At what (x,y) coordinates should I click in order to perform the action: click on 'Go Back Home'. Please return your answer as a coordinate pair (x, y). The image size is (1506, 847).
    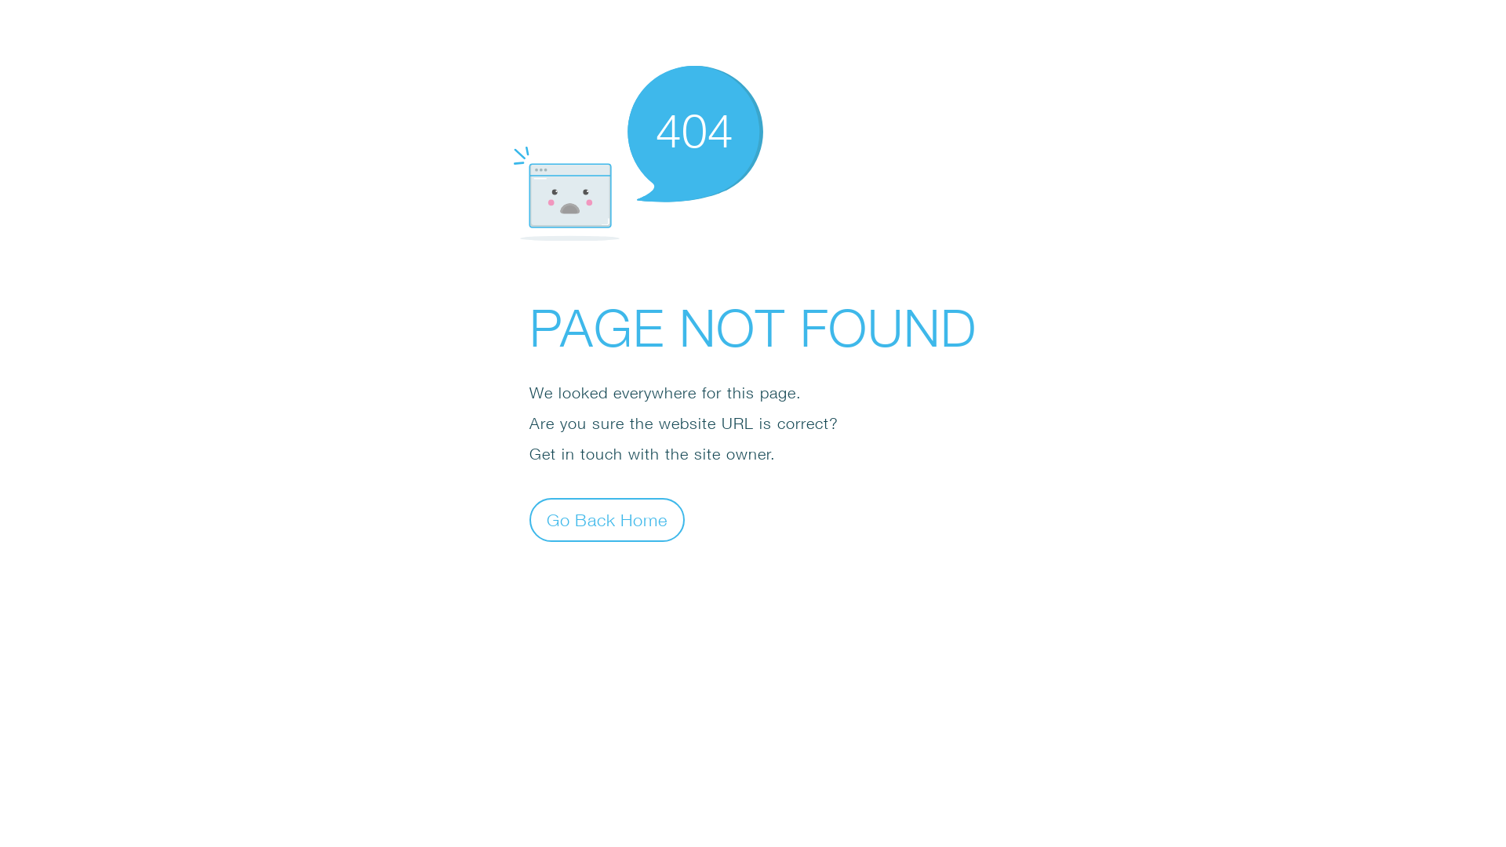
    Looking at the image, I should click on (606, 520).